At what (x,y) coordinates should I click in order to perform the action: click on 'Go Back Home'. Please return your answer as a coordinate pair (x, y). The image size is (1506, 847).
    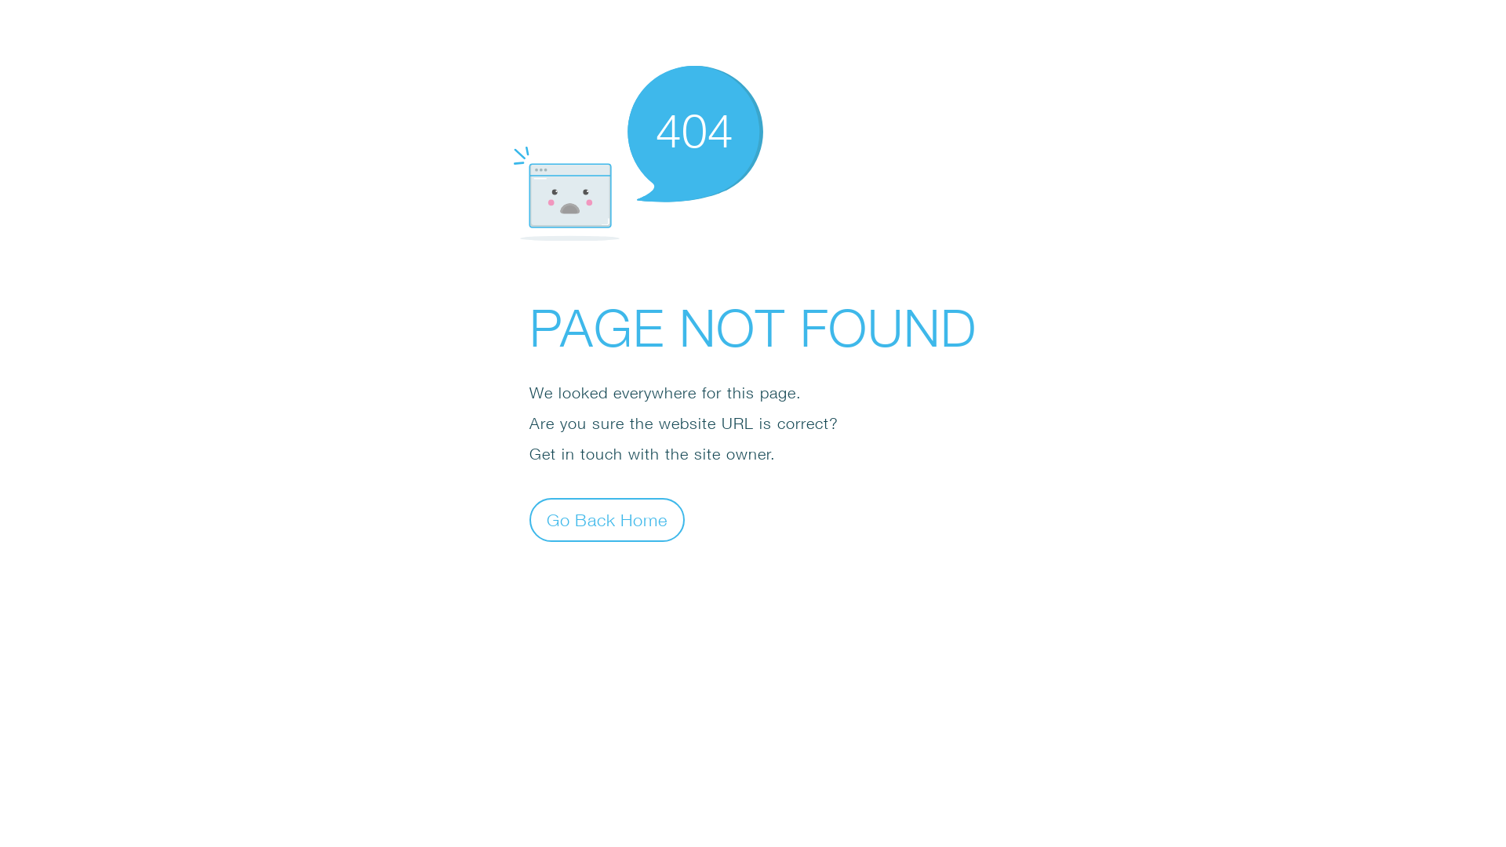
    Looking at the image, I should click on (606, 520).